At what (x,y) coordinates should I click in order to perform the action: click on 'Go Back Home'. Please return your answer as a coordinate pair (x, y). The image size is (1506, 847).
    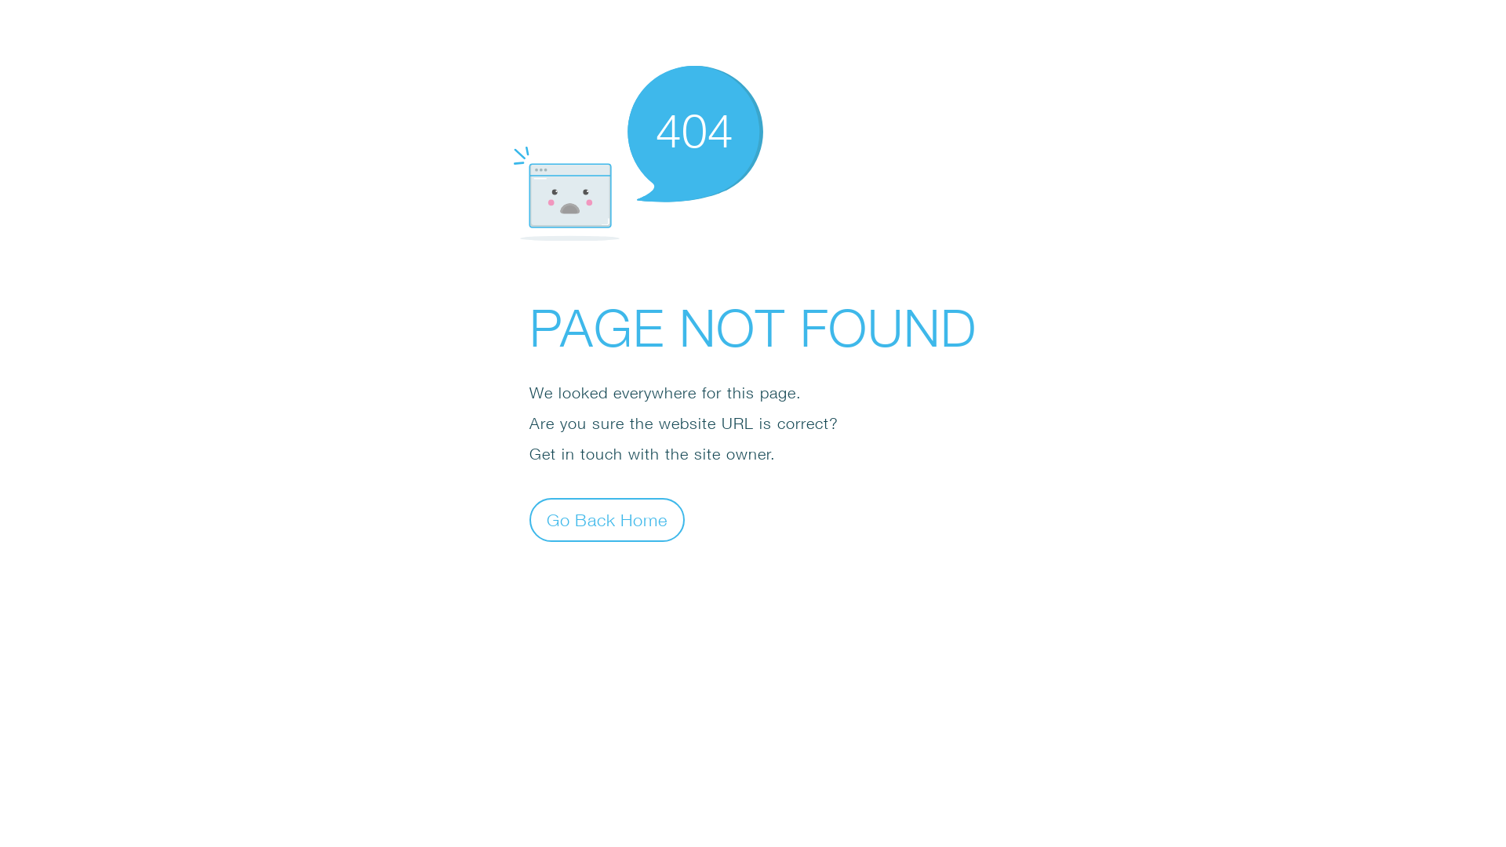
    Looking at the image, I should click on (606, 520).